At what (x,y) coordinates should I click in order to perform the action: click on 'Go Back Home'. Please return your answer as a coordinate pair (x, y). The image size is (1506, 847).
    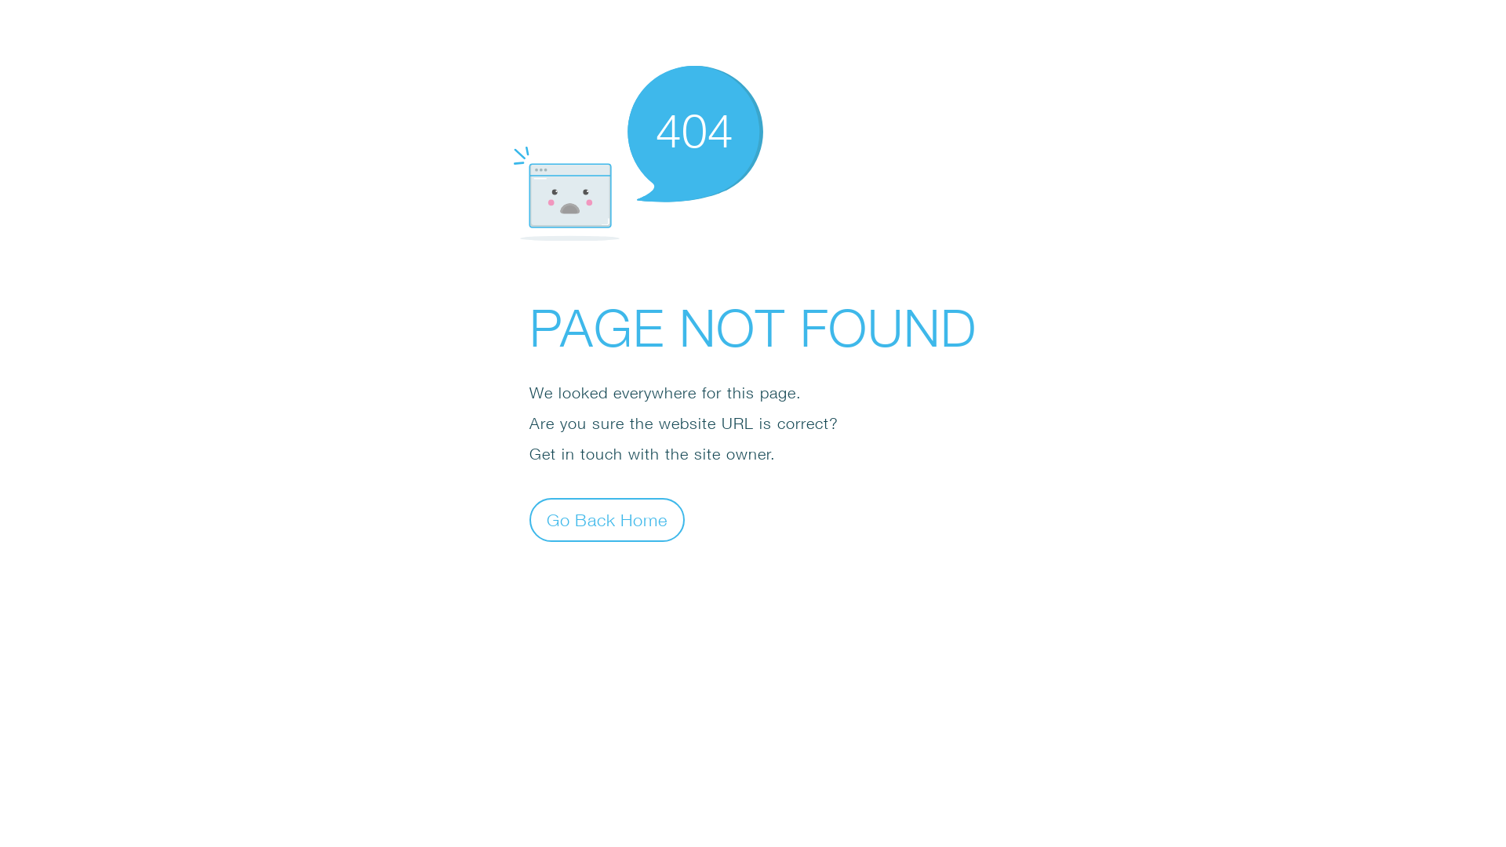
    Looking at the image, I should click on (606, 520).